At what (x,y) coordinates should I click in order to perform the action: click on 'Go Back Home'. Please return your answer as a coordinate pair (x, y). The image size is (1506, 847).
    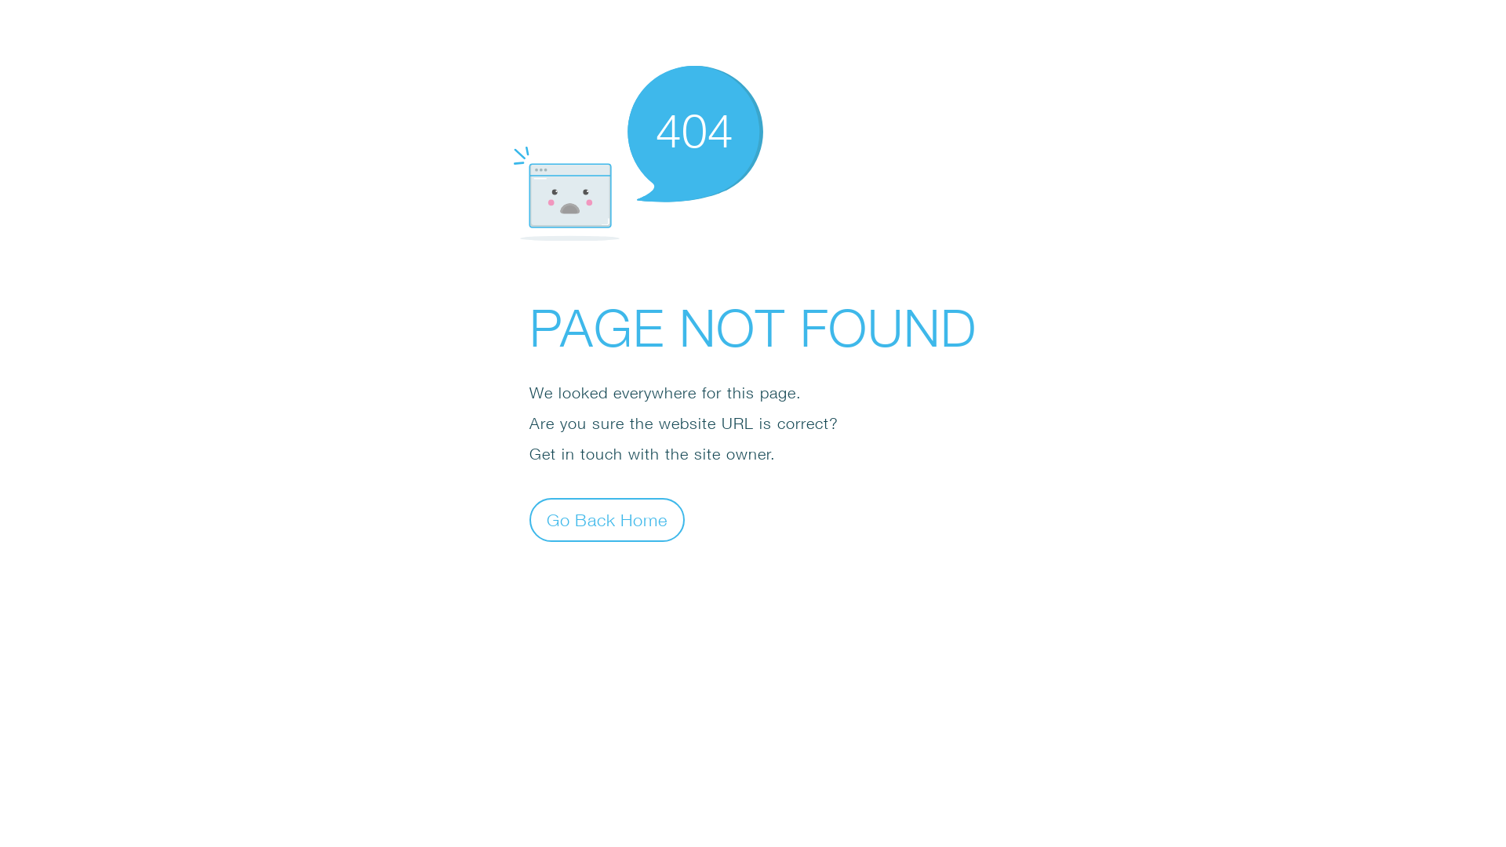
    Looking at the image, I should click on (606, 520).